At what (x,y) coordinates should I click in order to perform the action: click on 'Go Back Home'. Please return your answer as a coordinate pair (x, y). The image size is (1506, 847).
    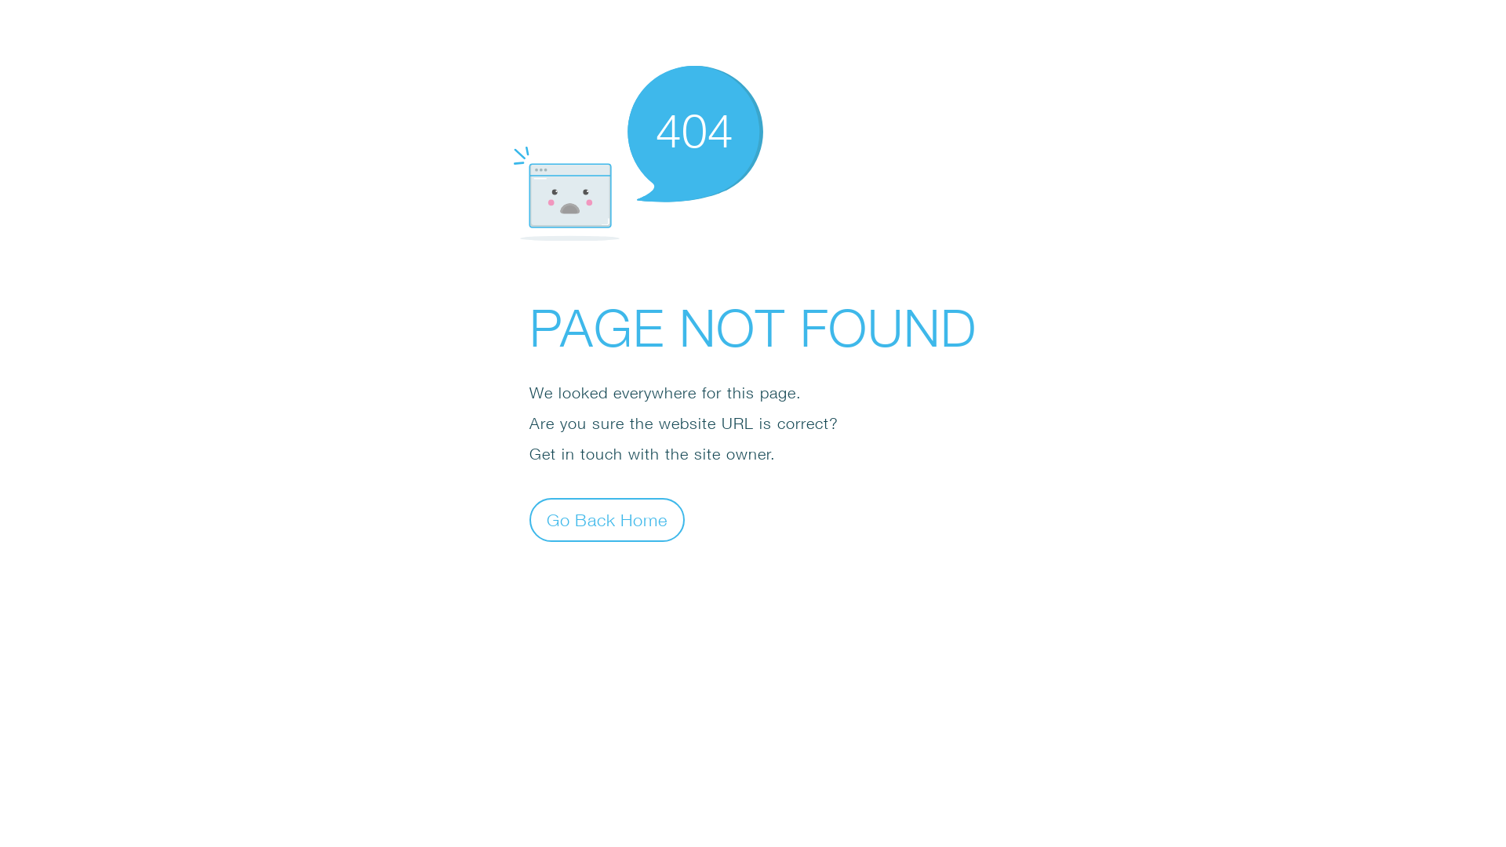
    Looking at the image, I should click on (606, 520).